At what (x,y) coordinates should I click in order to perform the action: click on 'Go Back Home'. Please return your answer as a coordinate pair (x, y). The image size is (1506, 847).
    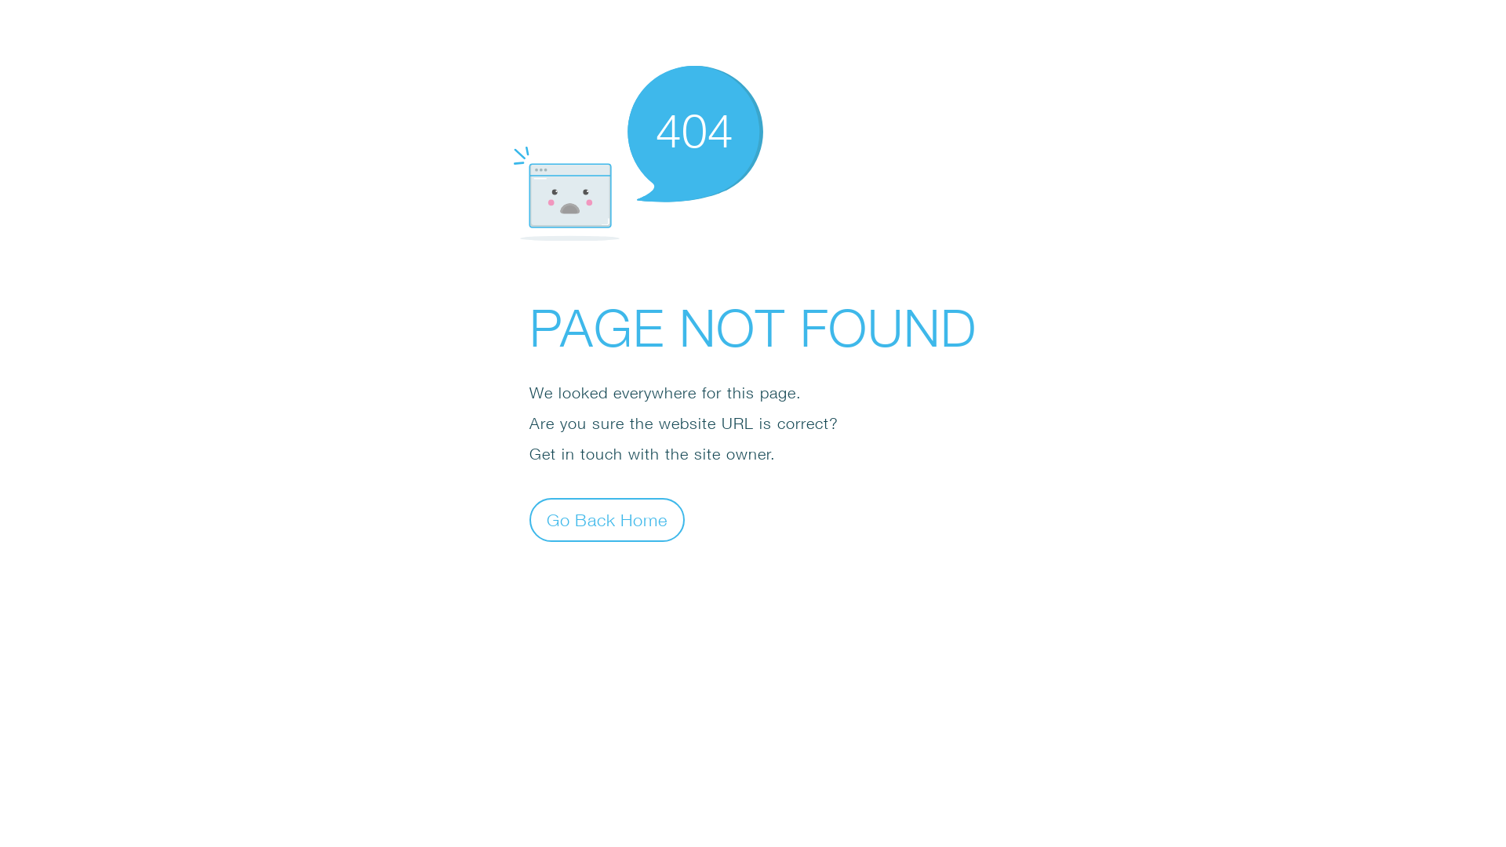
    Looking at the image, I should click on (606, 520).